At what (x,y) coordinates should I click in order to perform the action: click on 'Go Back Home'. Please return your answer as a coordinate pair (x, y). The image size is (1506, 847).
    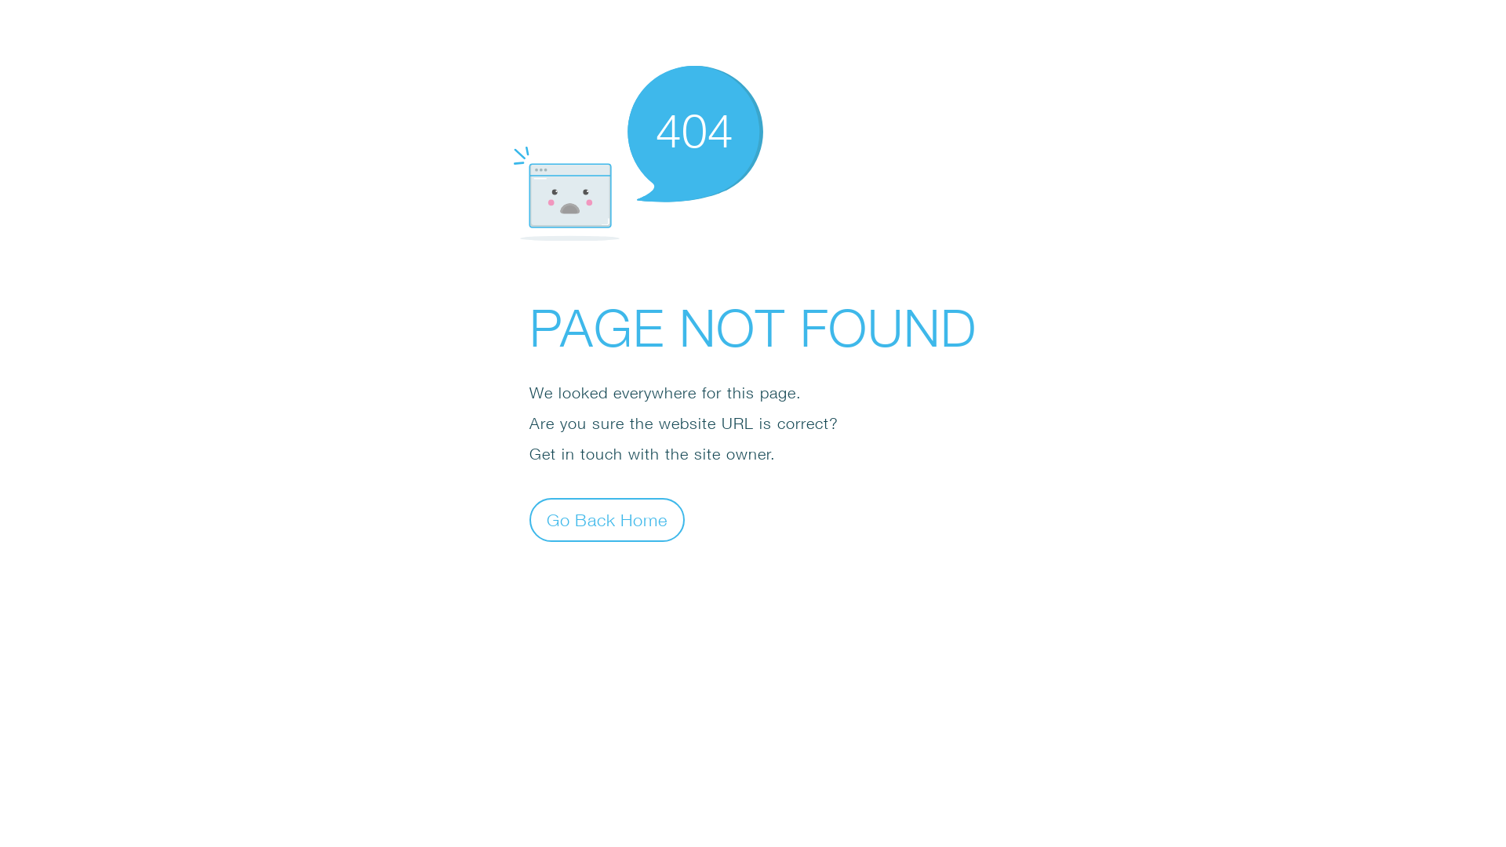
    Looking at the image, I should click on (606, 520).